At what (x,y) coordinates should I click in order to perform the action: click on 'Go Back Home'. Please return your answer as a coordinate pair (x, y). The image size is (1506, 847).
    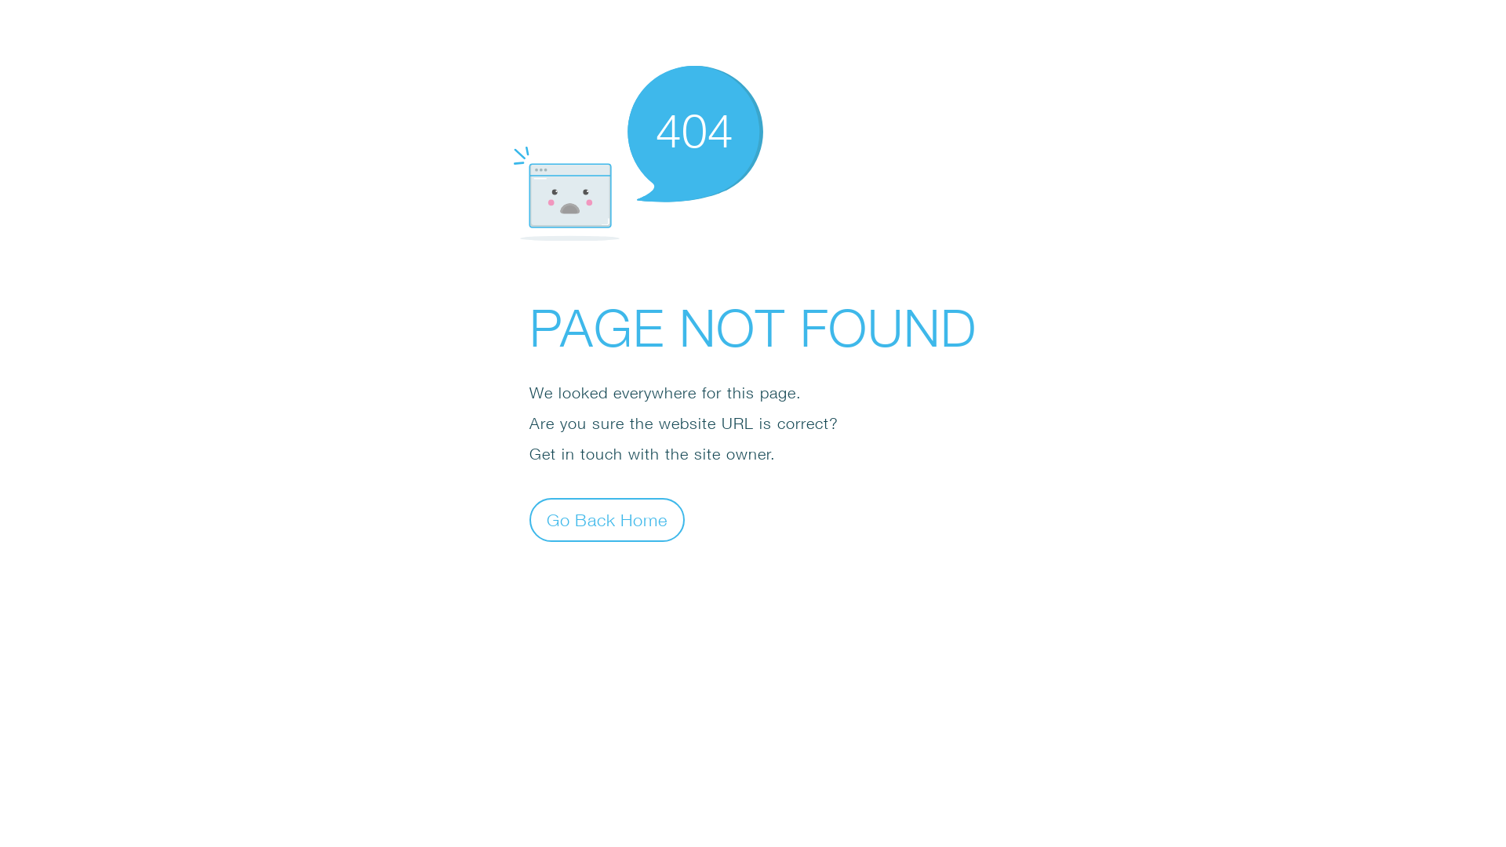
    Looking at the image, I should click on (606, 520).